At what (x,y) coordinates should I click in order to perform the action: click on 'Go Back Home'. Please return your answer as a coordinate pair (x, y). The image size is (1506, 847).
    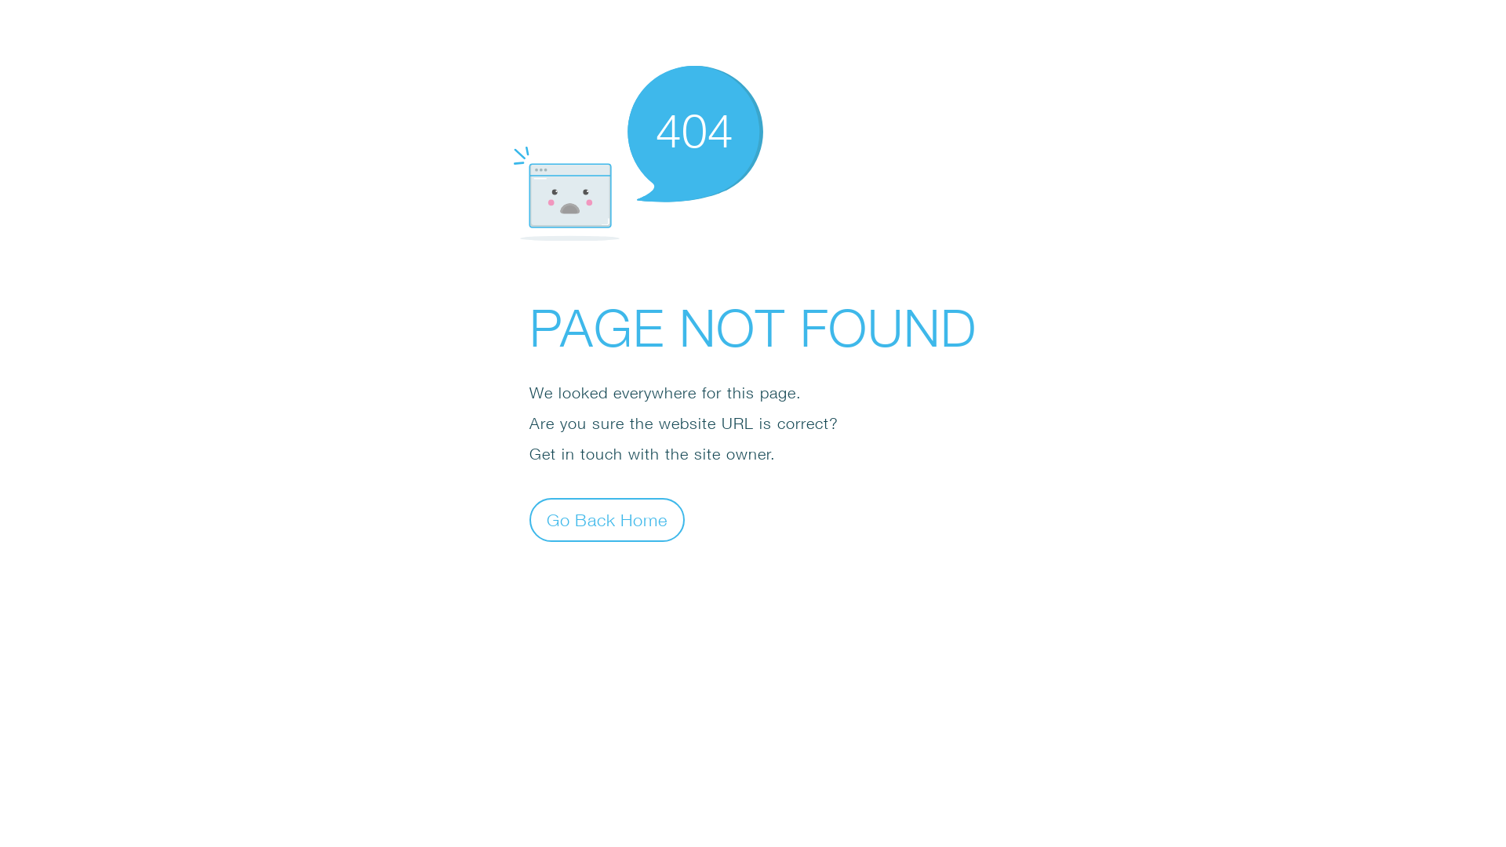
    Looking at the image, I should click on (606, 520).